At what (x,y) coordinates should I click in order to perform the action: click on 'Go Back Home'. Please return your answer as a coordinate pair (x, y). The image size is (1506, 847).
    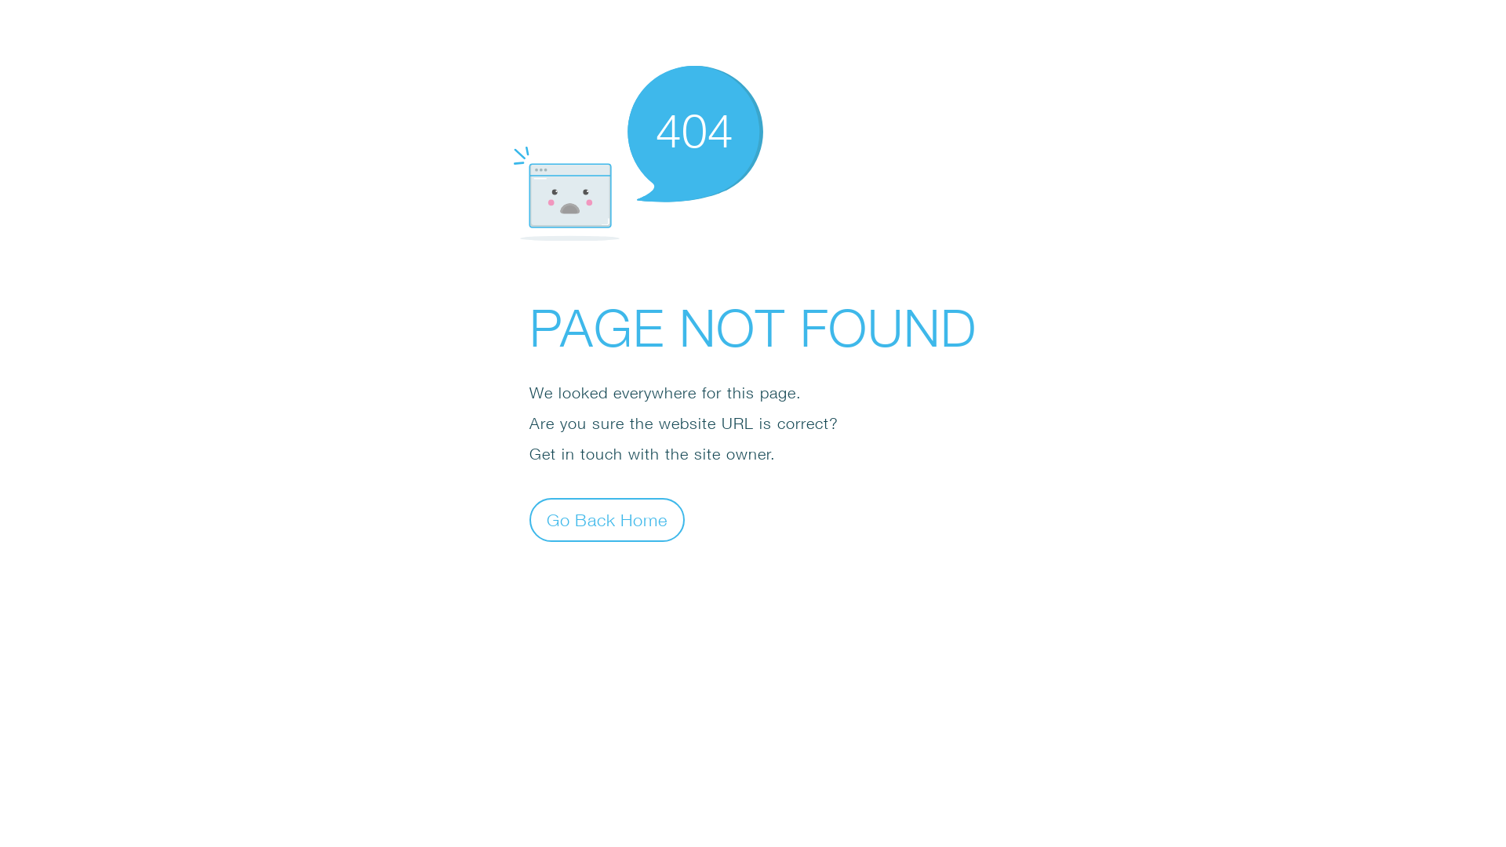
    Looking at the image, I should click on (606, 520).